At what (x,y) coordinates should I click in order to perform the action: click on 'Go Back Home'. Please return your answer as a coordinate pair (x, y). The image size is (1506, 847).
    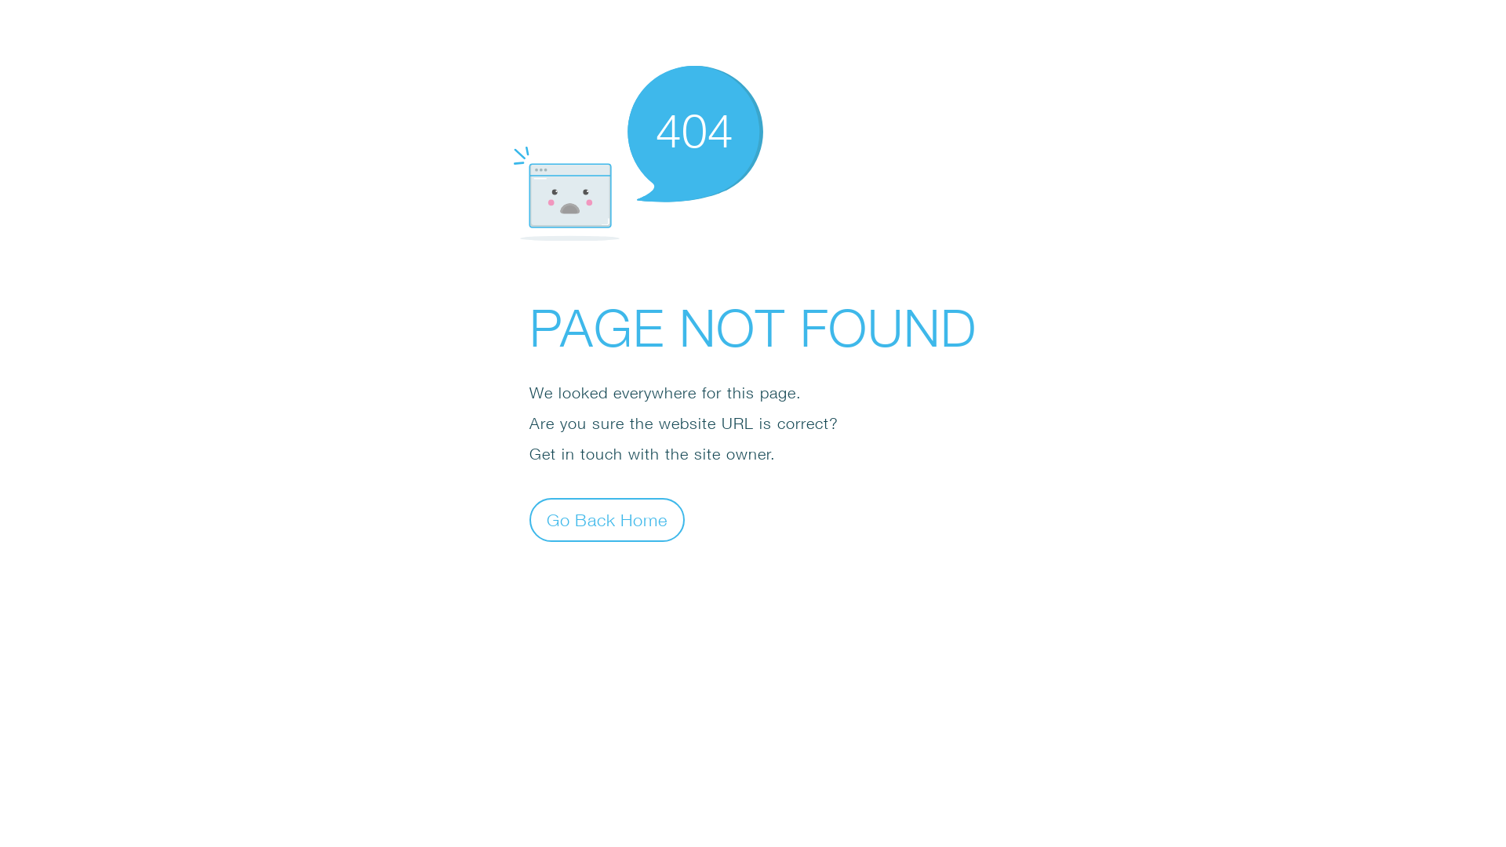
    Looking at the image, I should click on (606, 520).